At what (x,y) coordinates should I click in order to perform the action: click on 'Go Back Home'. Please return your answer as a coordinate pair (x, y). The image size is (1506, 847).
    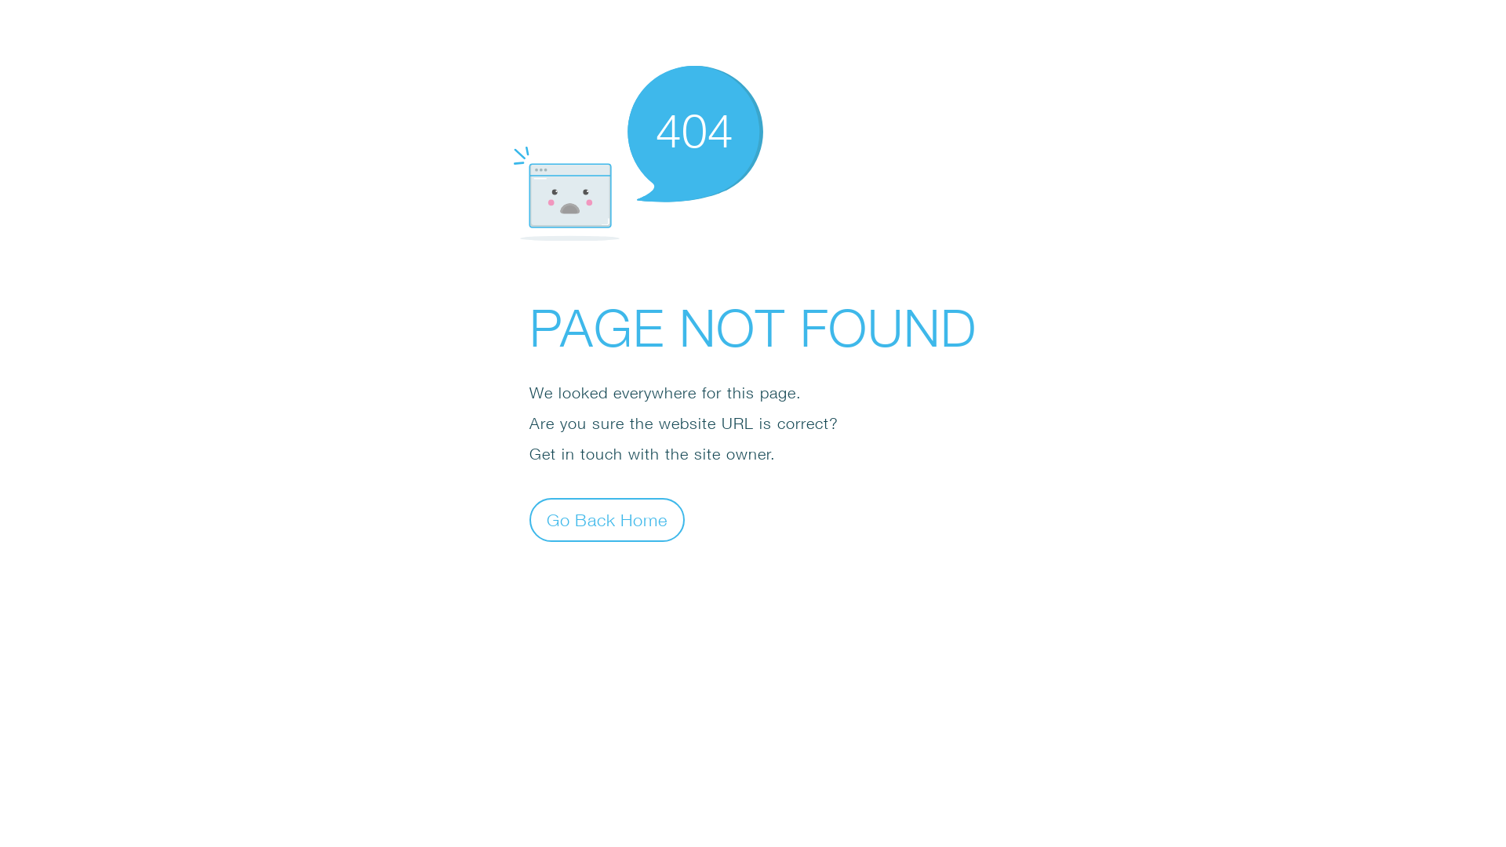
    Looking at the image, I should click on (606, 520).